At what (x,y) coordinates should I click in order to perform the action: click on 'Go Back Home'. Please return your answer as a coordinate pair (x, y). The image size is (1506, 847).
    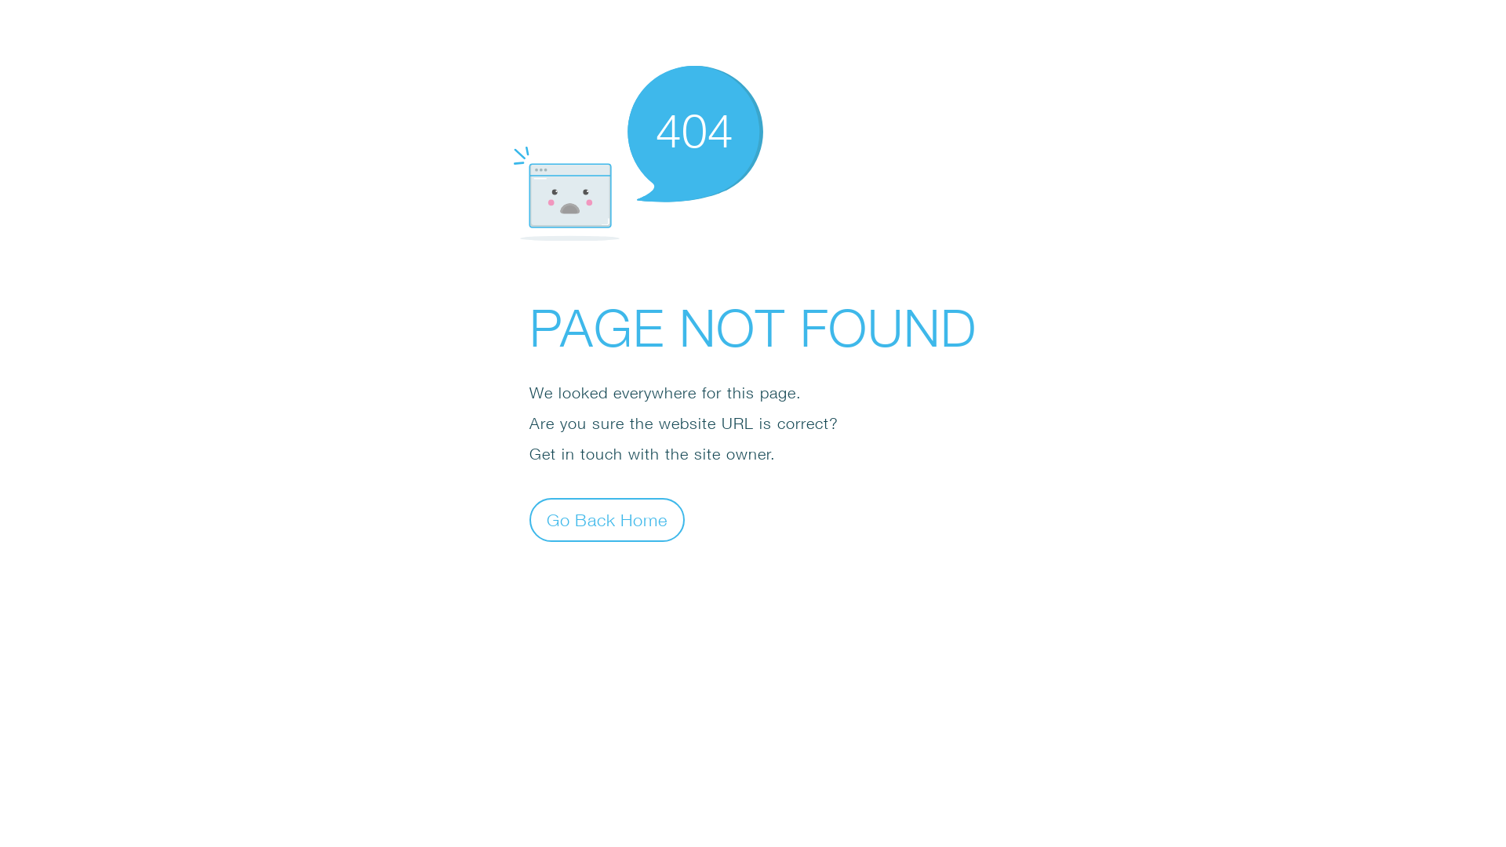
    Looking at the image, I should click on (606, 520).